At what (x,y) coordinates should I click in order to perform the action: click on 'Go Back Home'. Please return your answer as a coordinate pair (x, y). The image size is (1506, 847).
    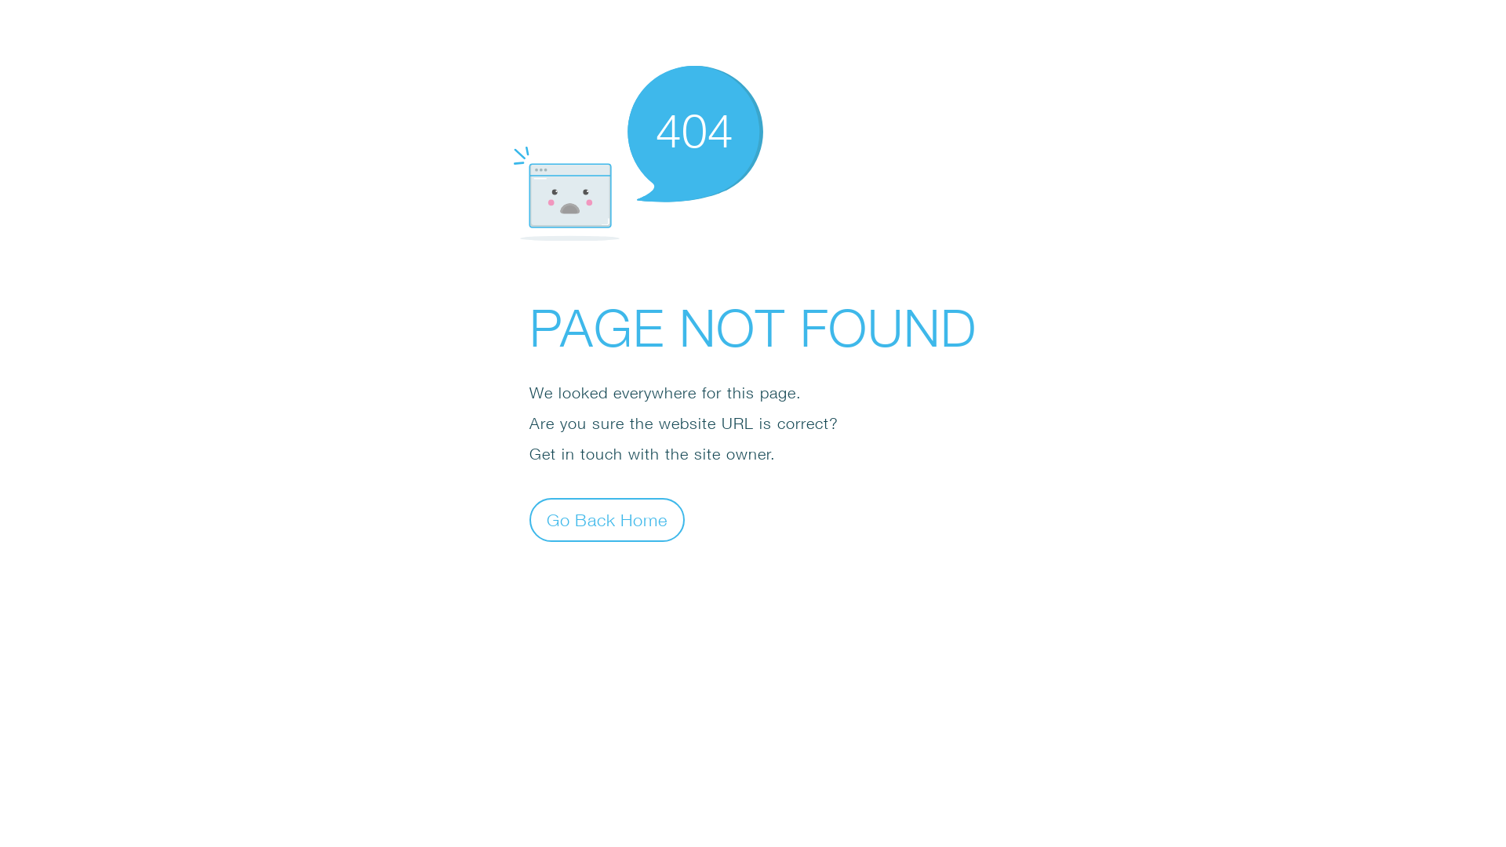
    Looking at the image, I should click on (606, 520).